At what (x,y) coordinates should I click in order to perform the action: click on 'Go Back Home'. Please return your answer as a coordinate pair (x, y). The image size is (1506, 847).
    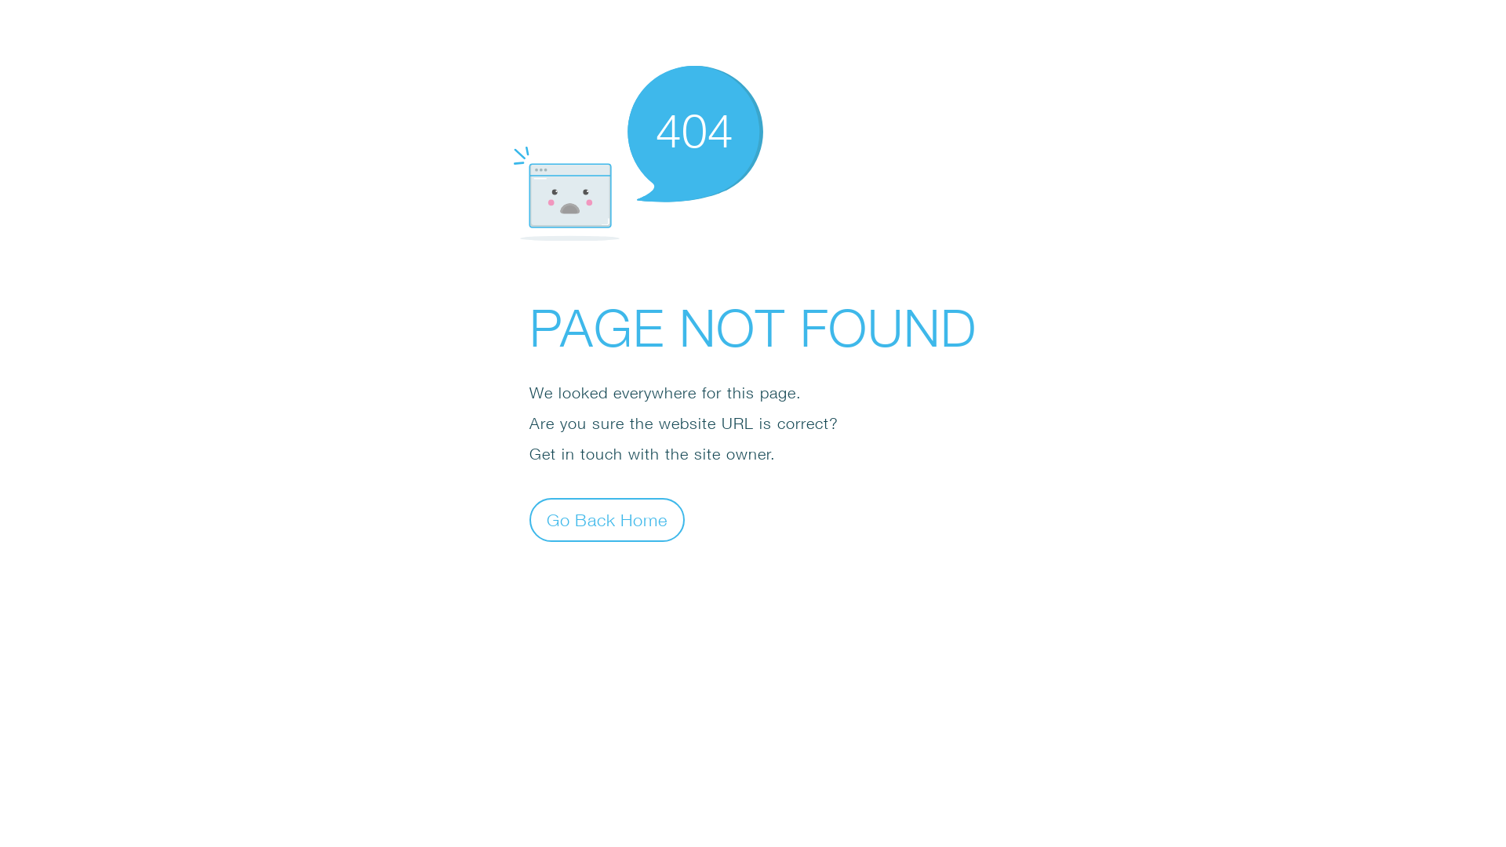
    Looking at the image, I should click on (606, 520).